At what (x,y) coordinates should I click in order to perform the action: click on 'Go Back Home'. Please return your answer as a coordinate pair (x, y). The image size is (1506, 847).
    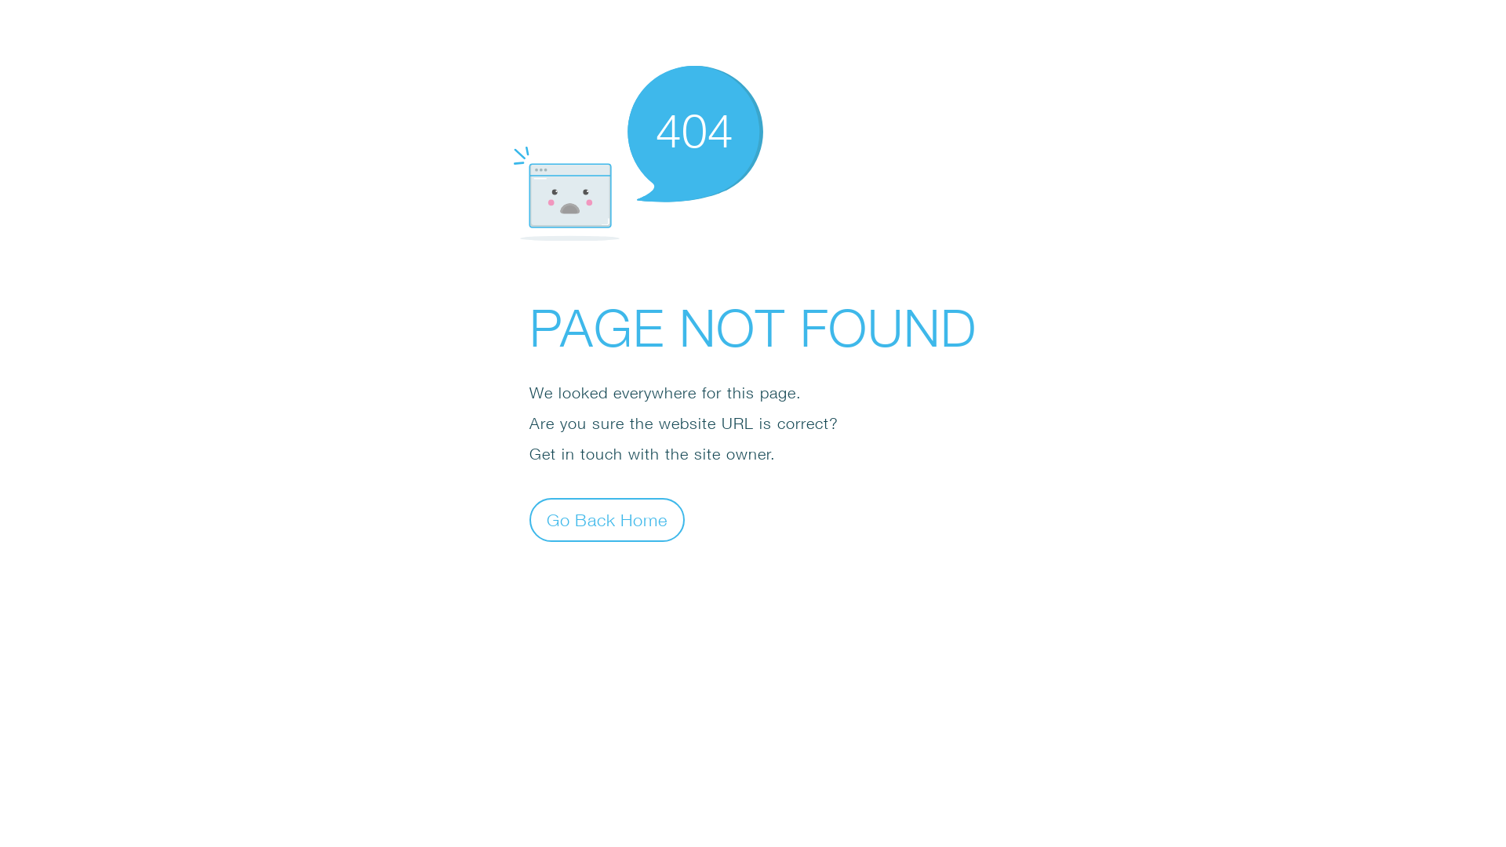
    Looking at the image, I should click on (606, 520).